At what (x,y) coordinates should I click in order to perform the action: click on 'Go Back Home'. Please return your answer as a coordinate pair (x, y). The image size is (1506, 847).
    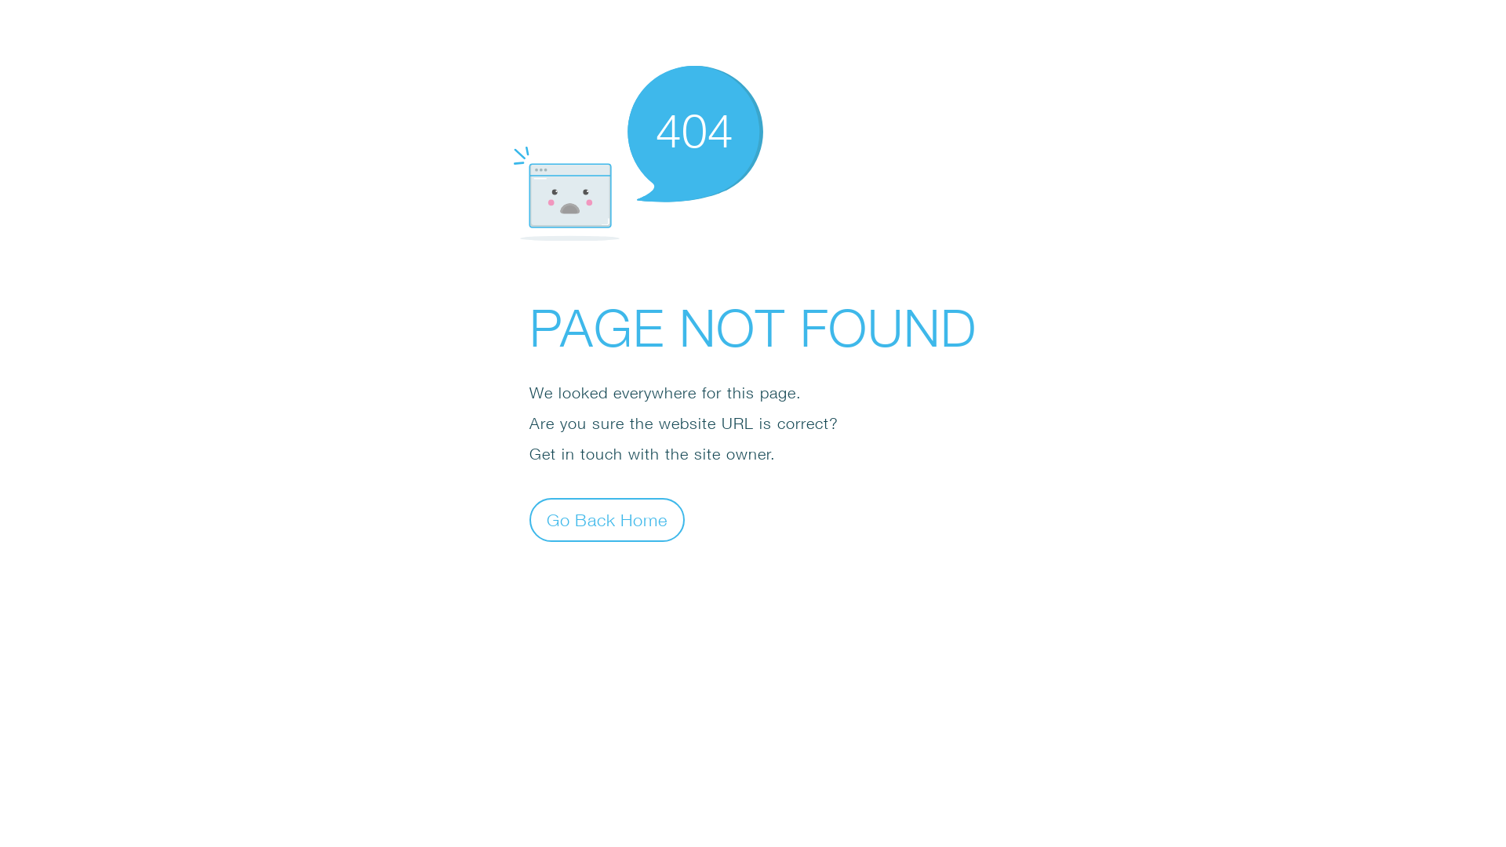
    Looking at the image, I should click on (606, 520).